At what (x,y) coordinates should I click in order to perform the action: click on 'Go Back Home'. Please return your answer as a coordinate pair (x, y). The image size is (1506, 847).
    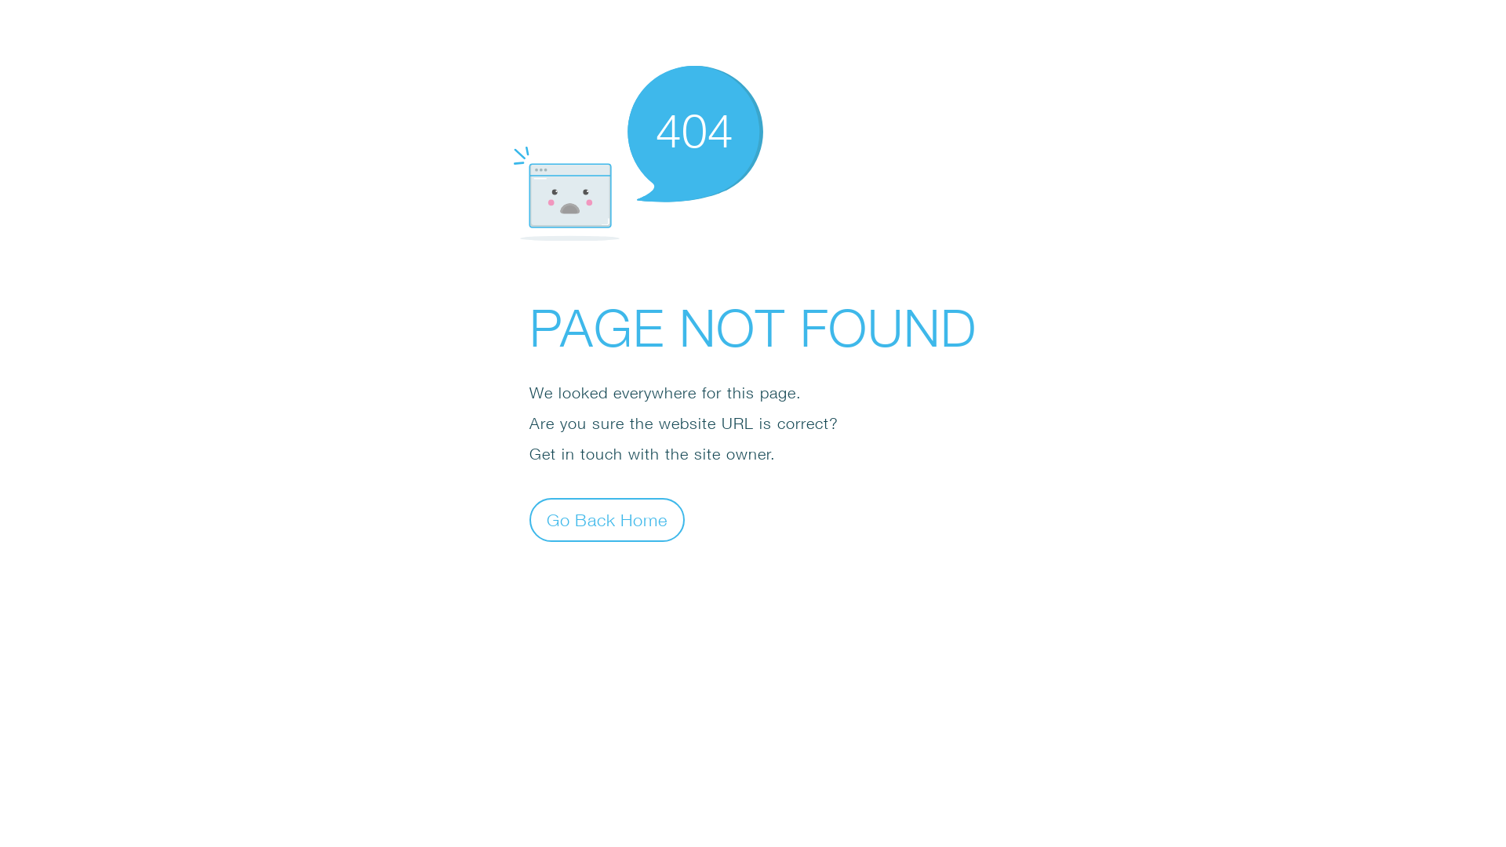
    Looking at the image, I should click on (606, 520).